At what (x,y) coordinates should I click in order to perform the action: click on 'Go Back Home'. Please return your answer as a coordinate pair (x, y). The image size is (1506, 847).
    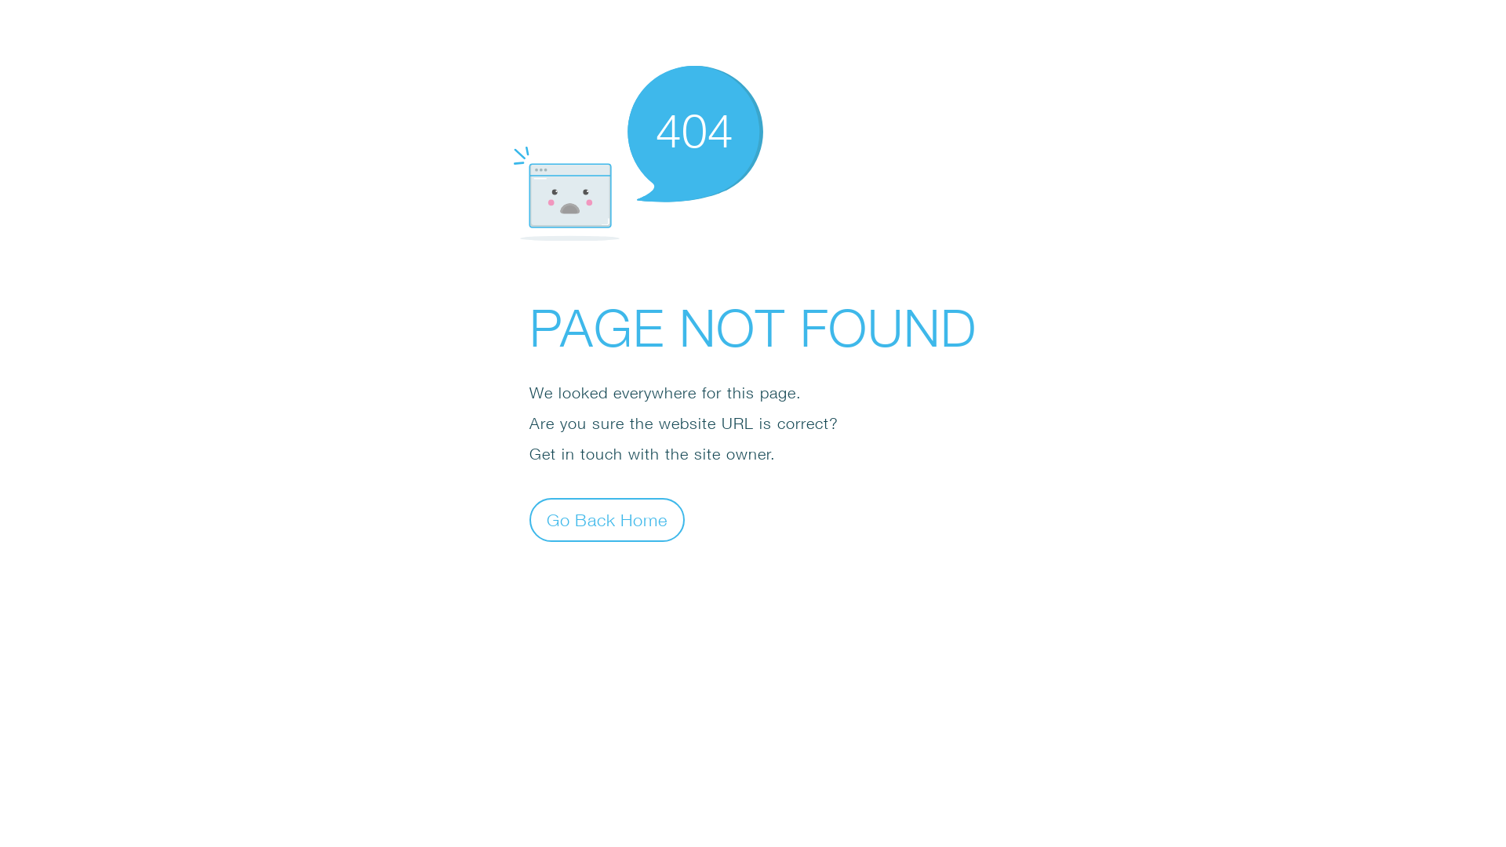
    Looking at the image, I should click on (606, 520).